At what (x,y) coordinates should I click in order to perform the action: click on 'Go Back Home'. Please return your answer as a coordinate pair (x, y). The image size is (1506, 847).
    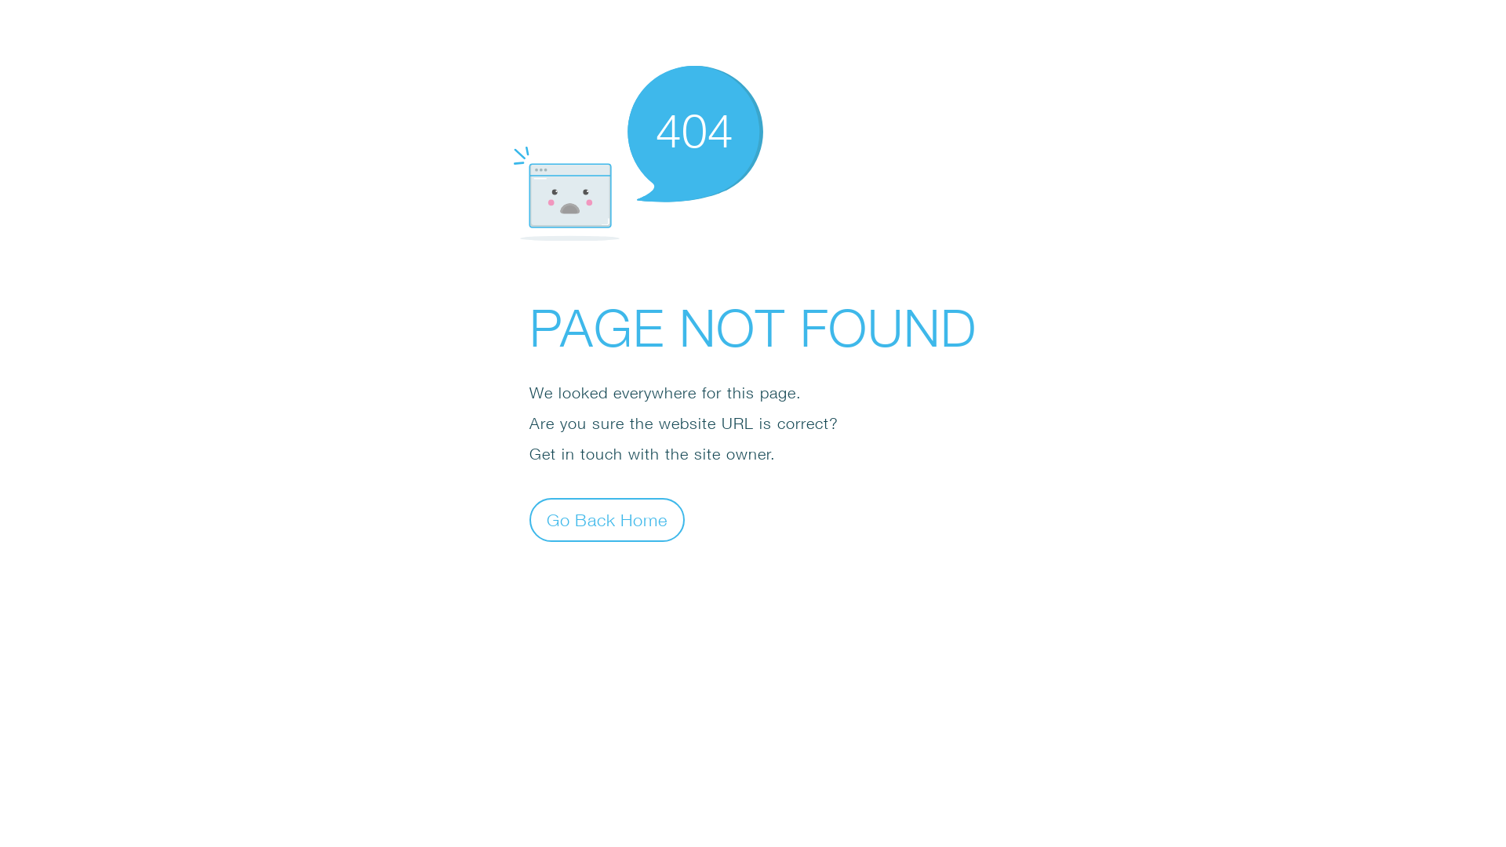
    Looking at the image, I should click on (606, 520).